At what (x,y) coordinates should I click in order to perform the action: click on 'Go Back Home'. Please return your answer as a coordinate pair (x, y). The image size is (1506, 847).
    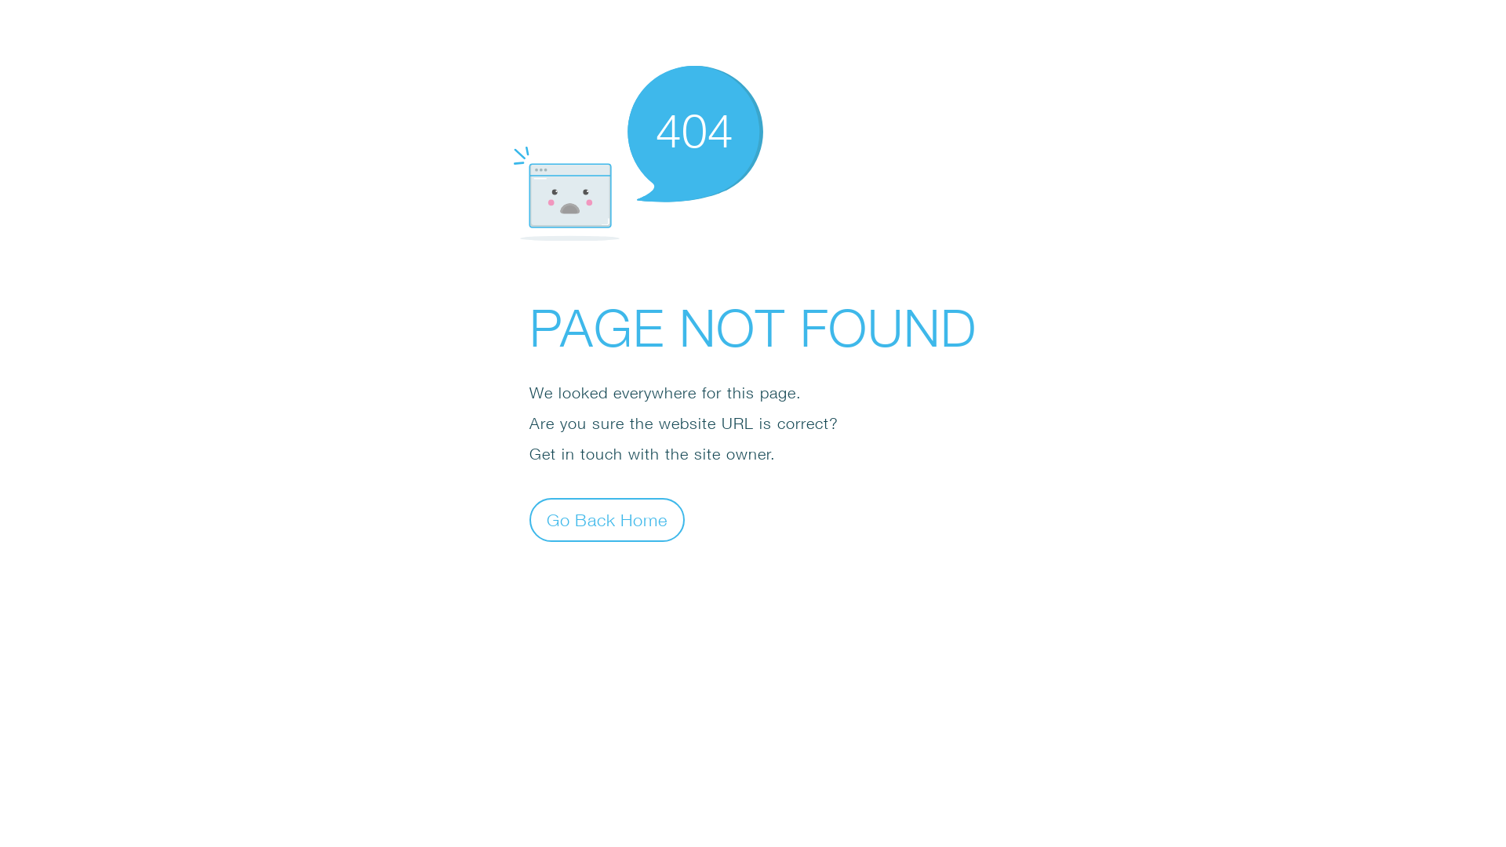
    Looking at the image, I should click on (606, 520).